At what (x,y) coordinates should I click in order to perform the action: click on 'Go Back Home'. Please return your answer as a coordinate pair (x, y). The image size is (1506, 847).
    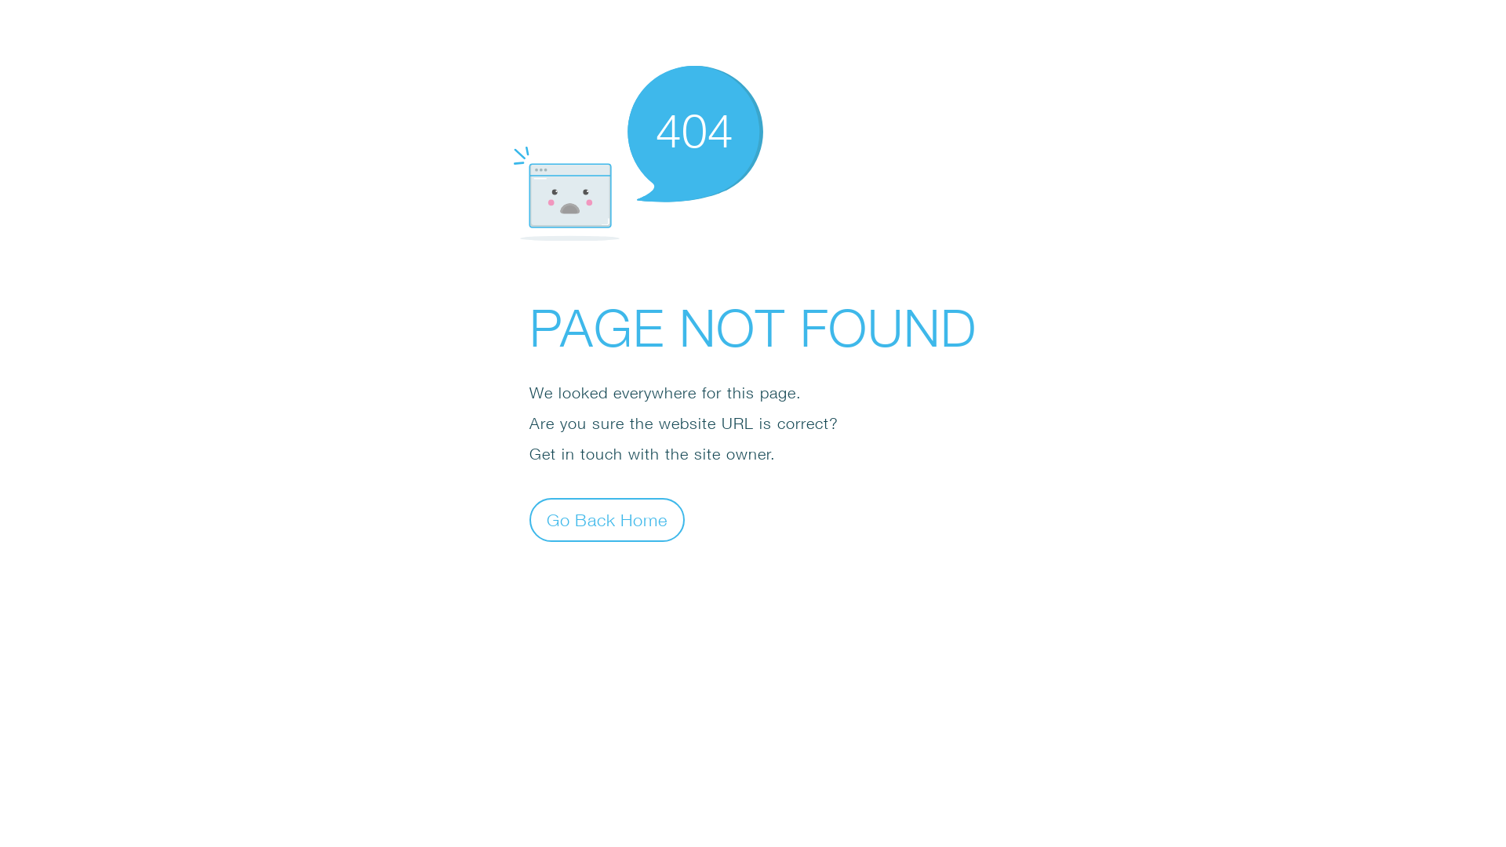
    Looking at the image, I should click on (606, 520).